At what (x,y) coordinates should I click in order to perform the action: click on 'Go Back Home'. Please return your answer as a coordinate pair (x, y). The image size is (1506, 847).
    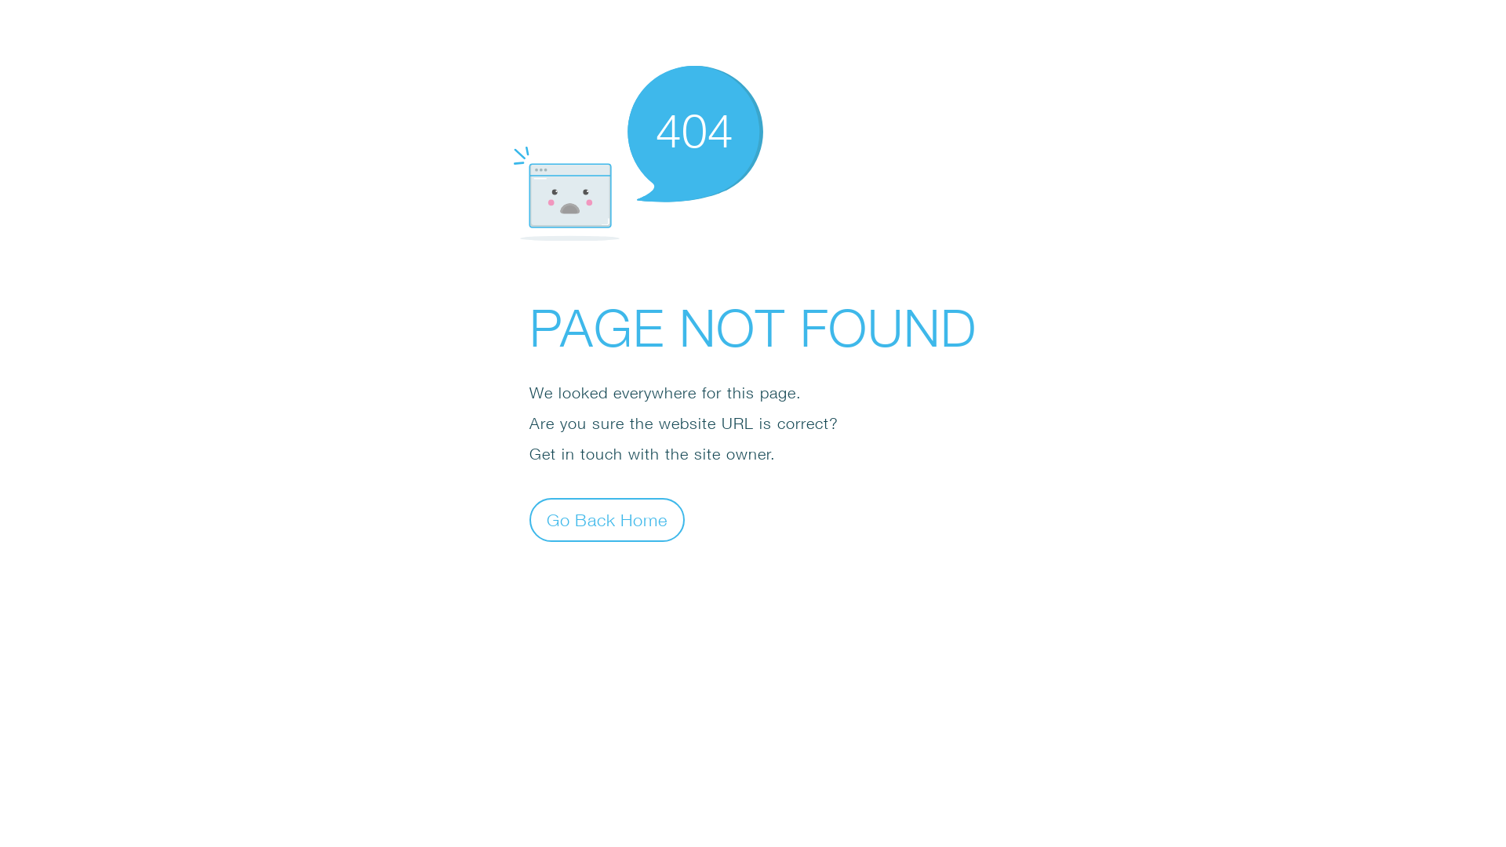
    Looking at the image, I should click on (606, 520).